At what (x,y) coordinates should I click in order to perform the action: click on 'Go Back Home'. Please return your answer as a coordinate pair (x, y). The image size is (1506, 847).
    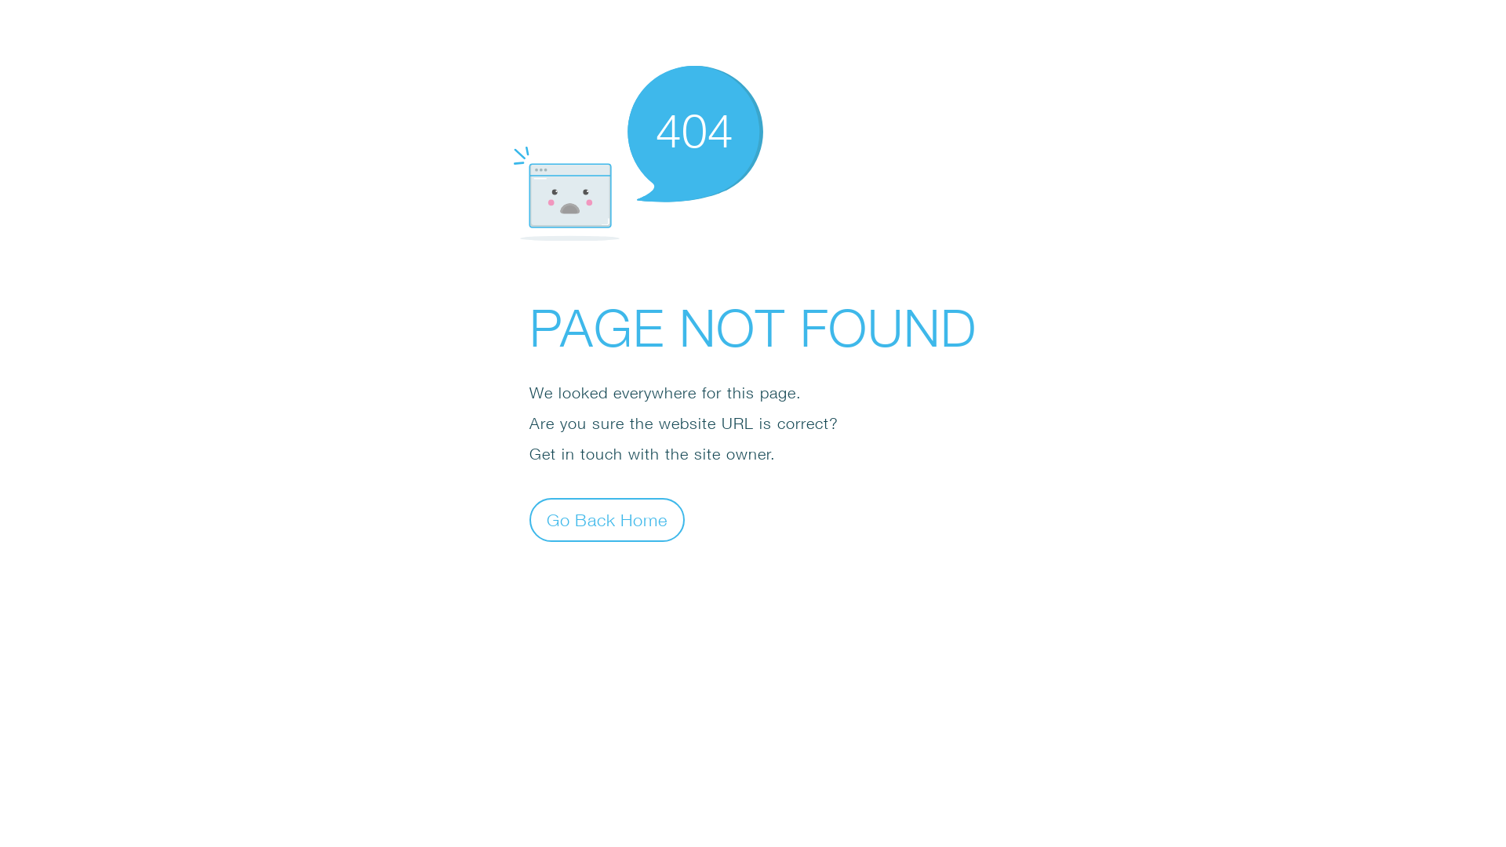
    Looking at the image, I should click on (606, 520).